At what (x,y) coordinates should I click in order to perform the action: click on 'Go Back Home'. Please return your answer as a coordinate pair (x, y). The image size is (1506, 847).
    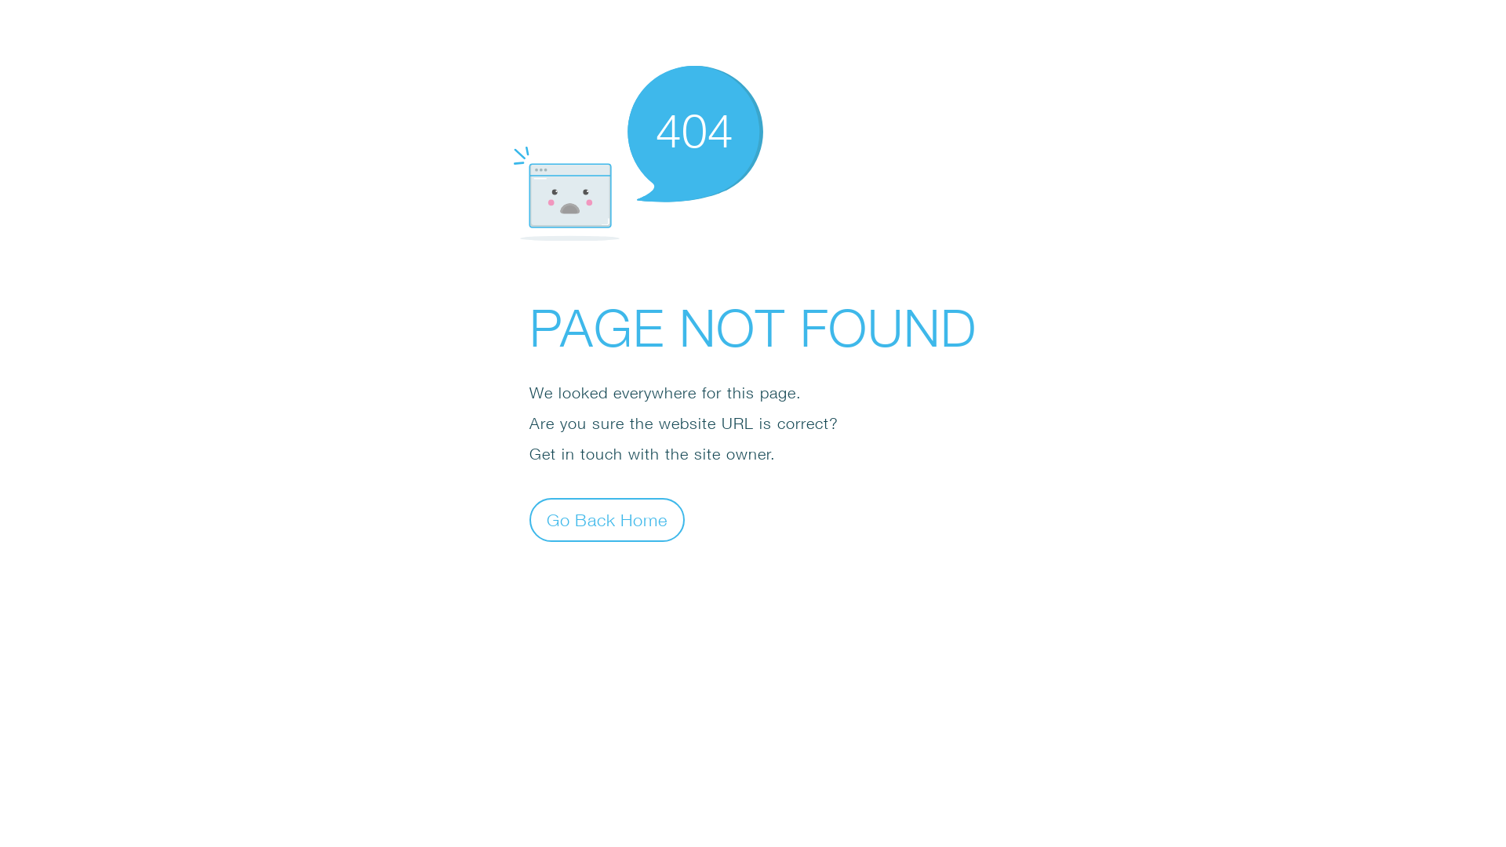
    Looking at the image, I should click on (606, 520).